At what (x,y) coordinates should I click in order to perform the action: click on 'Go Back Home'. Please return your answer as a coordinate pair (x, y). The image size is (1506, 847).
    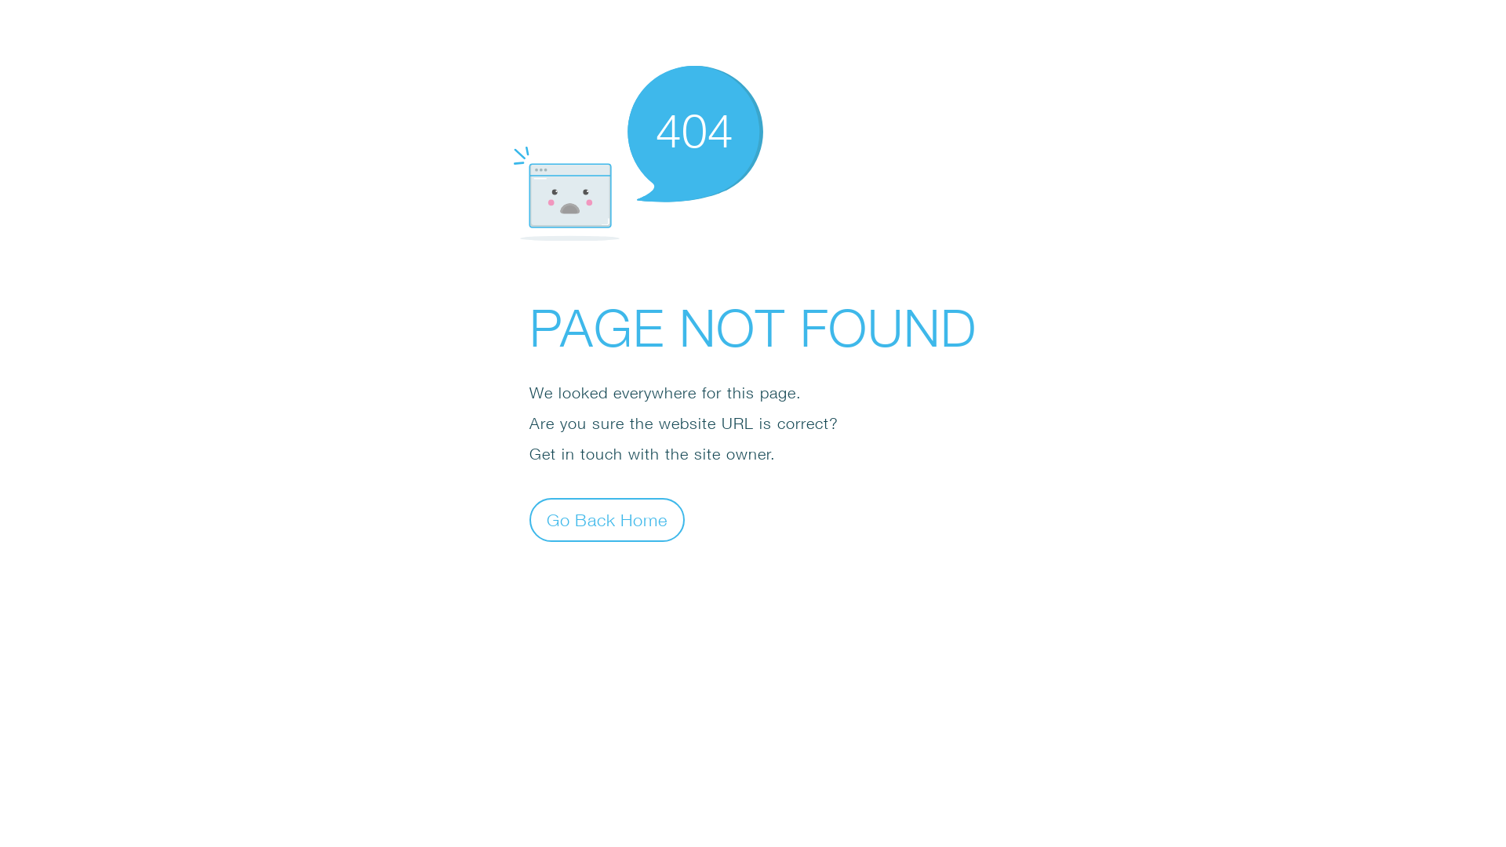
    Looking at the image, I should click on (606, 520).